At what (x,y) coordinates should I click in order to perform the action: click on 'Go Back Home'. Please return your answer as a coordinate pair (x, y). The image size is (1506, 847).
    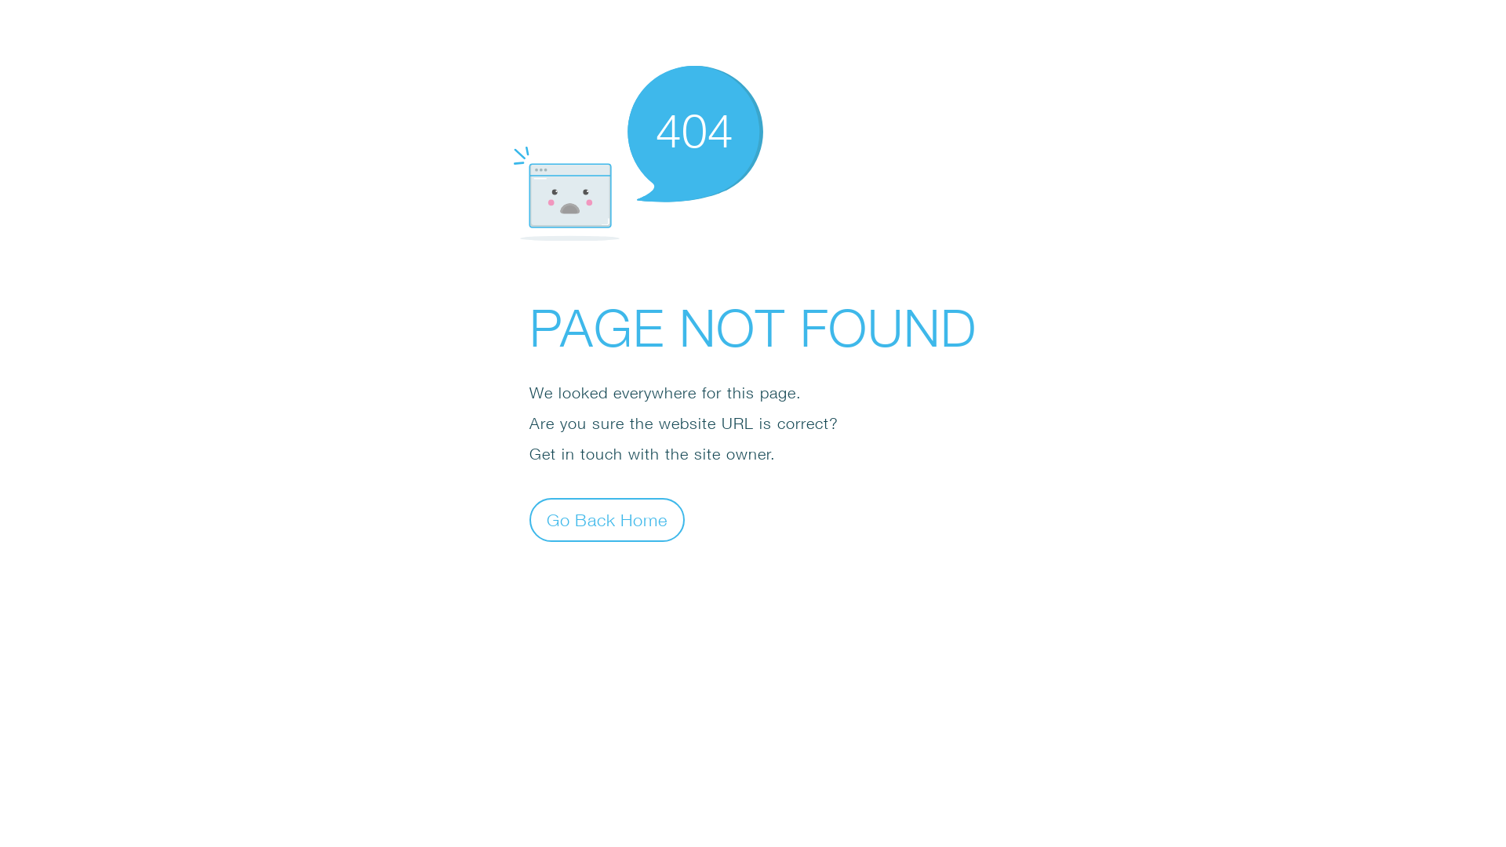
    Looking at the image, I should click on (606, 520).